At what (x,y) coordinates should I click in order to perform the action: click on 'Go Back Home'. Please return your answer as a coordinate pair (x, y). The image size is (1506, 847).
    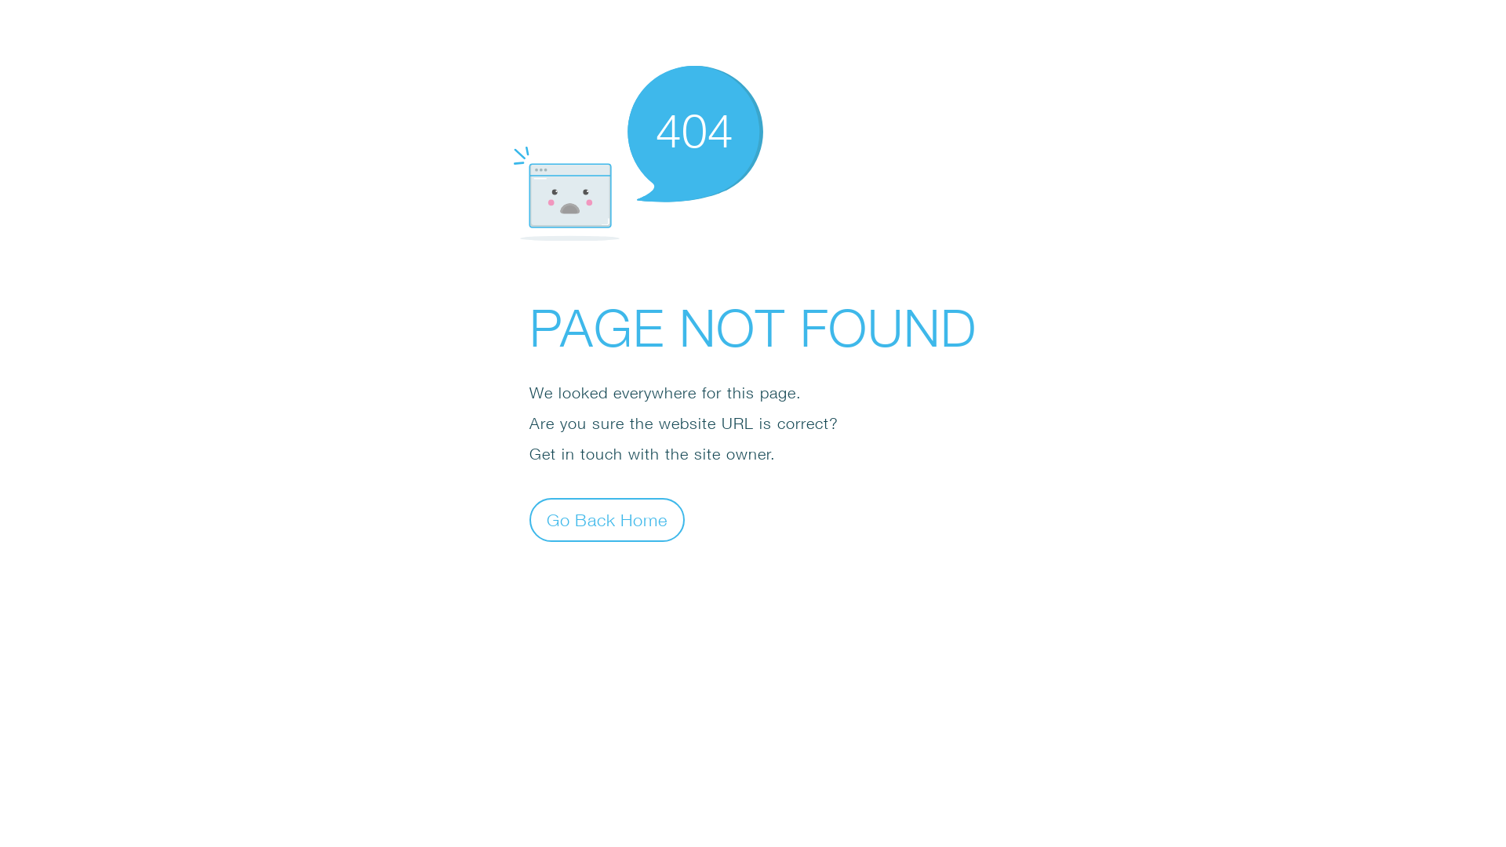
    Looking at the image, I should click on (606, 520).